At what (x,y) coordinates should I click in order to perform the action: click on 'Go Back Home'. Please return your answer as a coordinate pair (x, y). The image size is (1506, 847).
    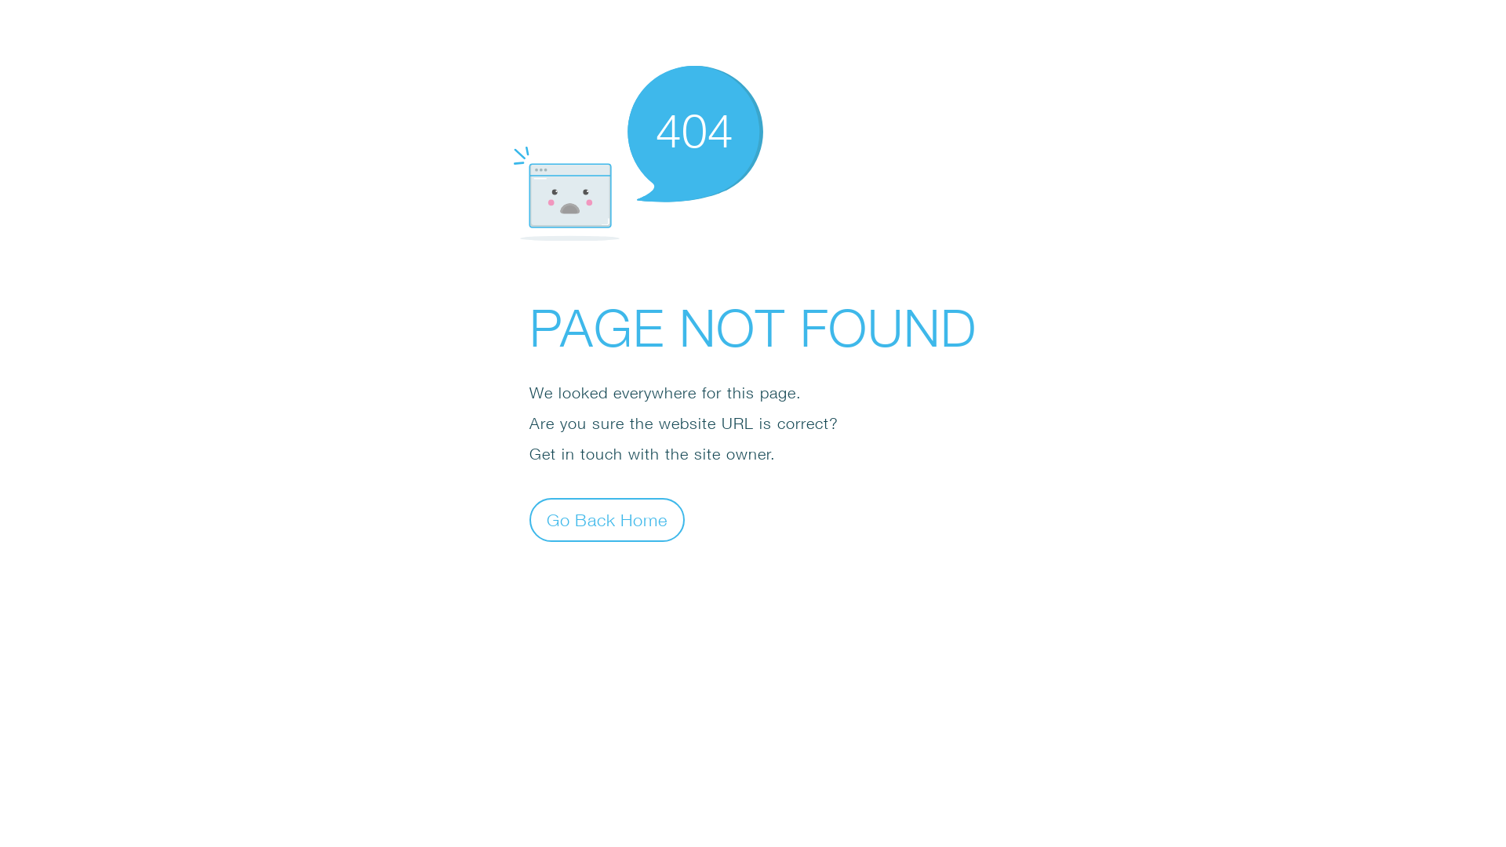
    Looking at the image, I should click on (606, 520).